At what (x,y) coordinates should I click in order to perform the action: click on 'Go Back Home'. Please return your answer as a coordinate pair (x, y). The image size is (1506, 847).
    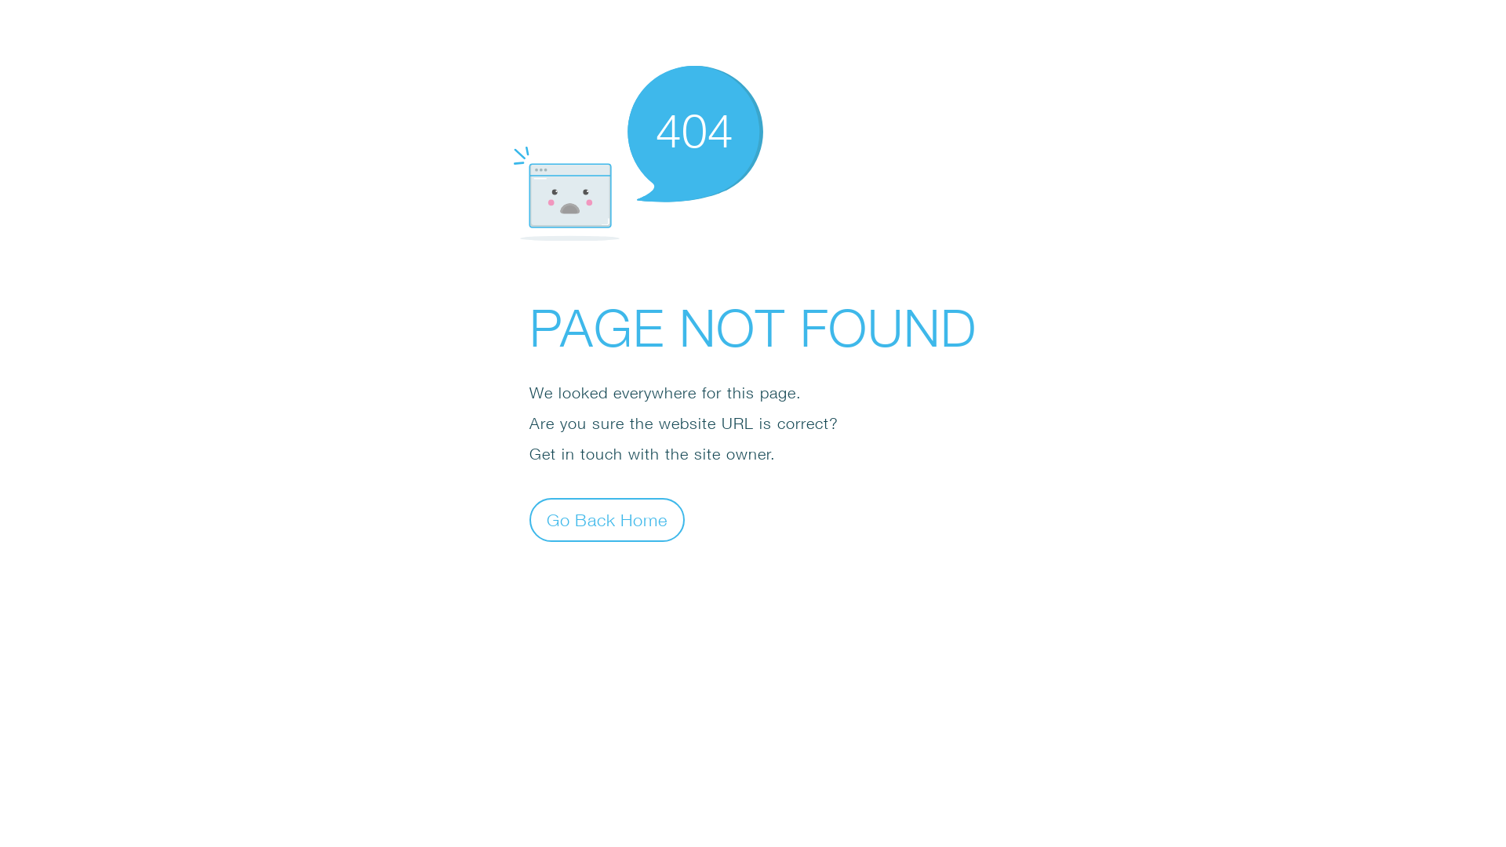
    Looking at the image, I should click on (606, 520).